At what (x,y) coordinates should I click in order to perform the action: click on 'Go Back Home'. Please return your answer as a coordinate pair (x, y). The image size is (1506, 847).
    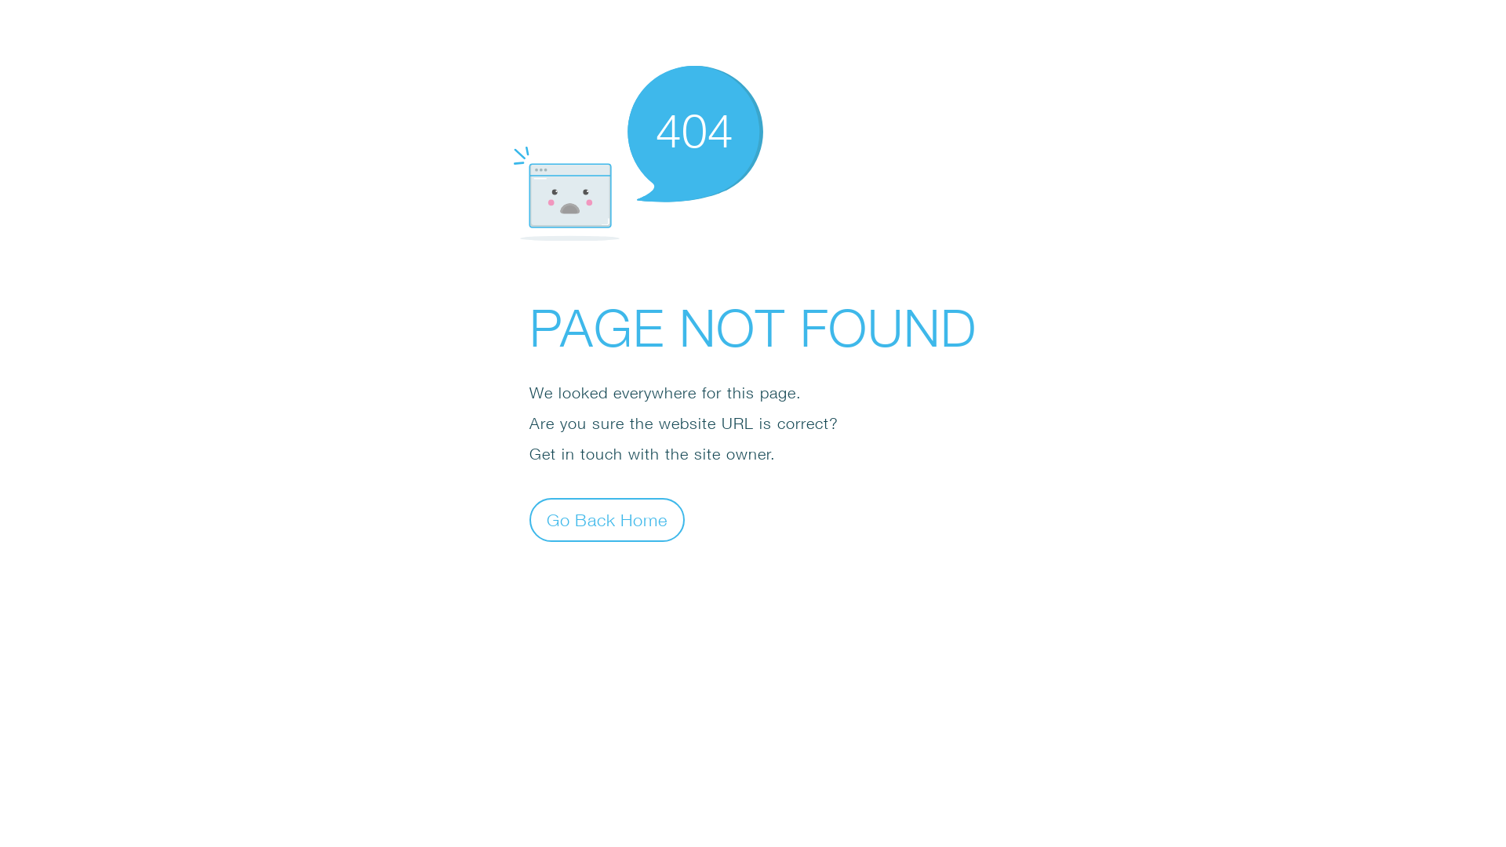
    Looking at the image, I should click on (606, 520).